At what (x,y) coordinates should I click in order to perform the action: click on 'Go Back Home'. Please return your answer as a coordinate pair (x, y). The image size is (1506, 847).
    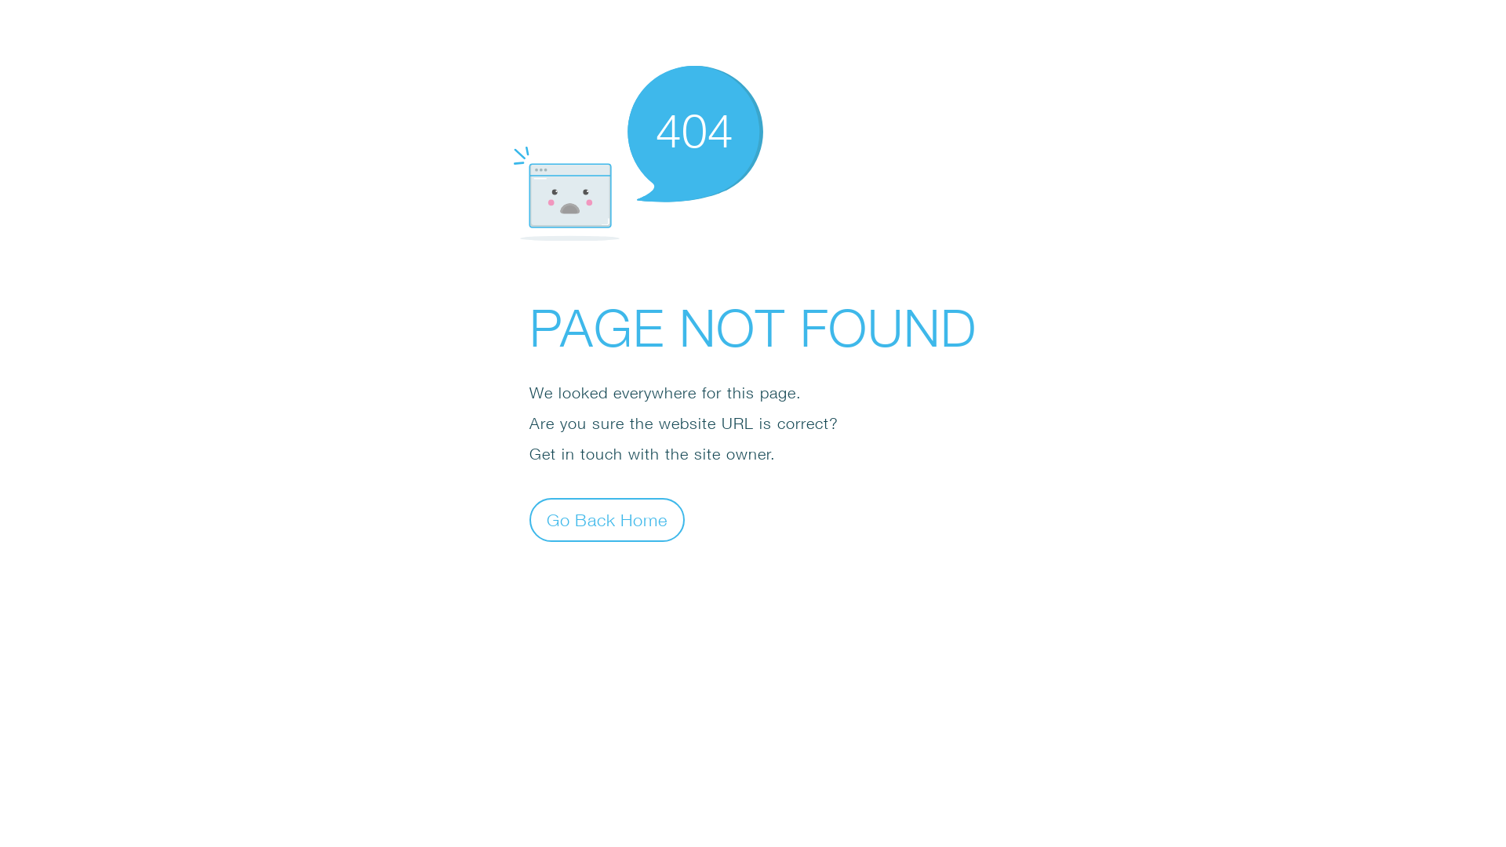
    Looking at the image, I should click on (606, 520).